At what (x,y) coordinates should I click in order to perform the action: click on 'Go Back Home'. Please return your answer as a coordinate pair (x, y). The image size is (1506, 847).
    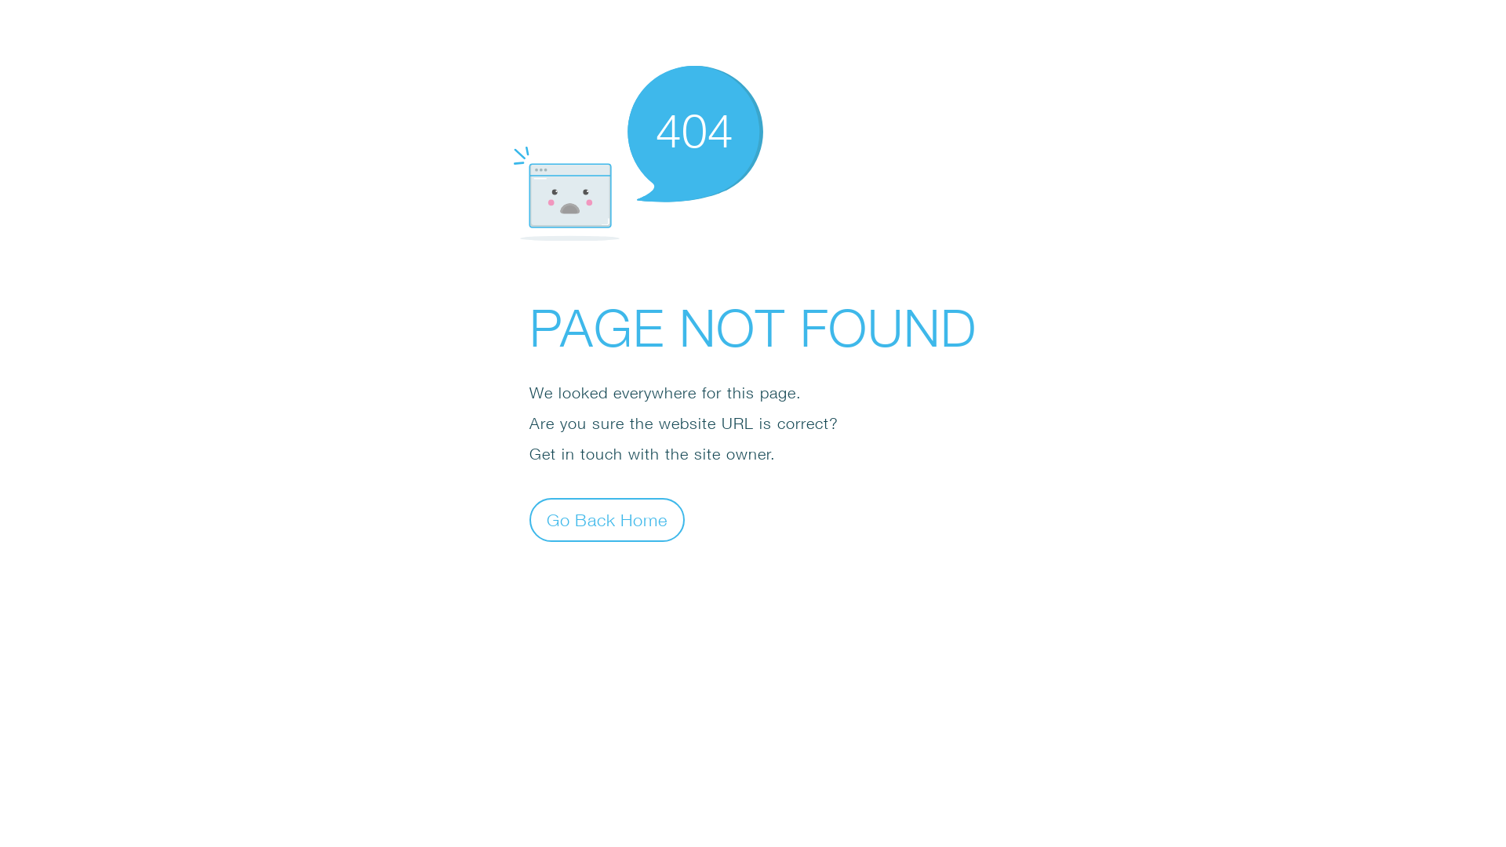
    Looking at the image, I should click on (606, 520).